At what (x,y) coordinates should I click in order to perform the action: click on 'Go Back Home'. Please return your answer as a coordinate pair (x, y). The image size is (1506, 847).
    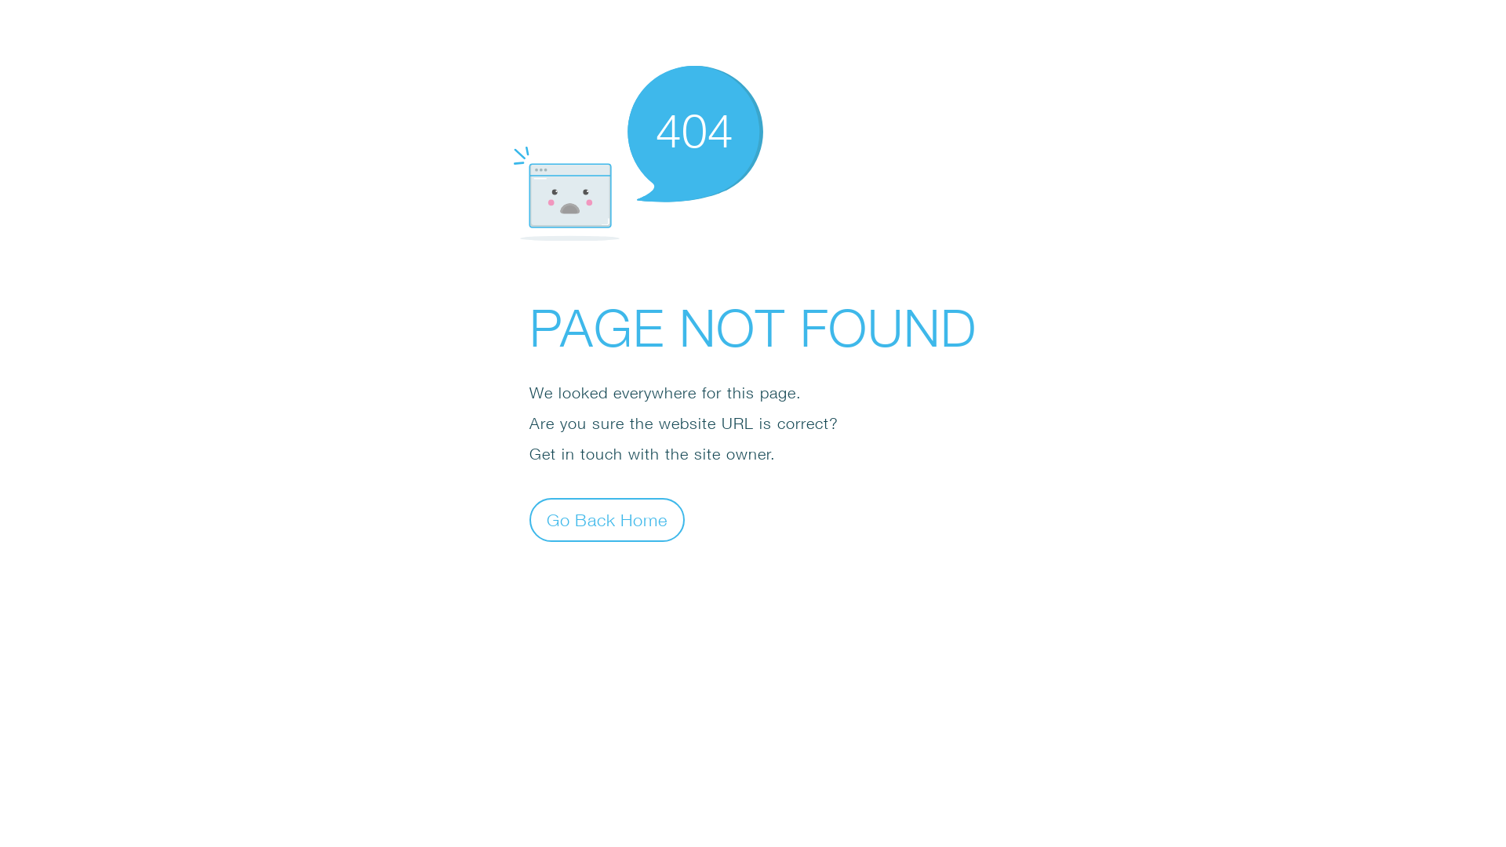
    Looking at the image, I should click on (606, 520).